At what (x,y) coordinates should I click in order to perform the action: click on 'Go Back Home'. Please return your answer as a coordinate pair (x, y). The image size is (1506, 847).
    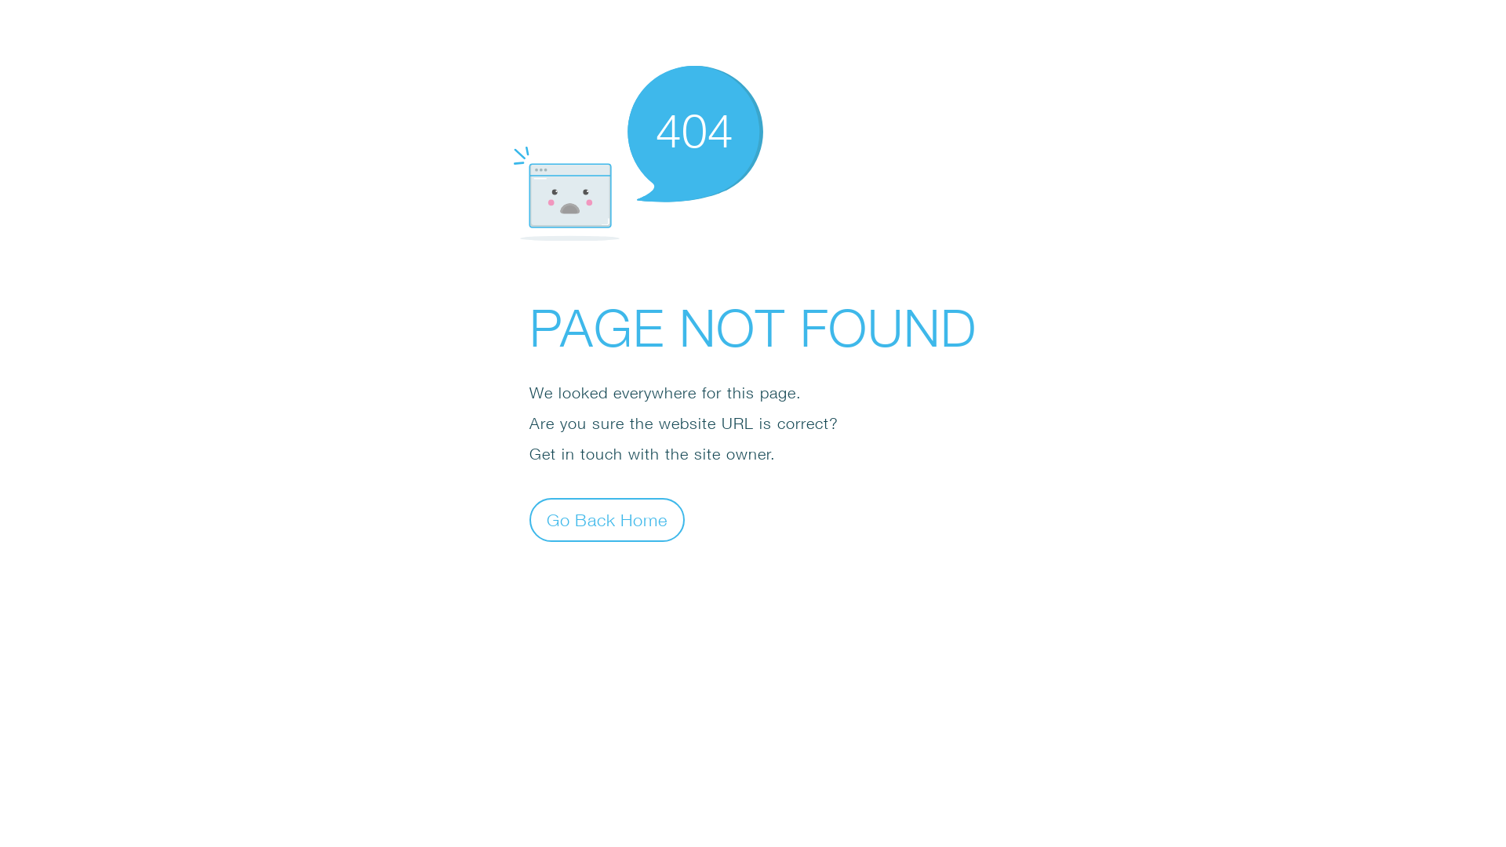
    Looking at the image, I should click on (606, 520).